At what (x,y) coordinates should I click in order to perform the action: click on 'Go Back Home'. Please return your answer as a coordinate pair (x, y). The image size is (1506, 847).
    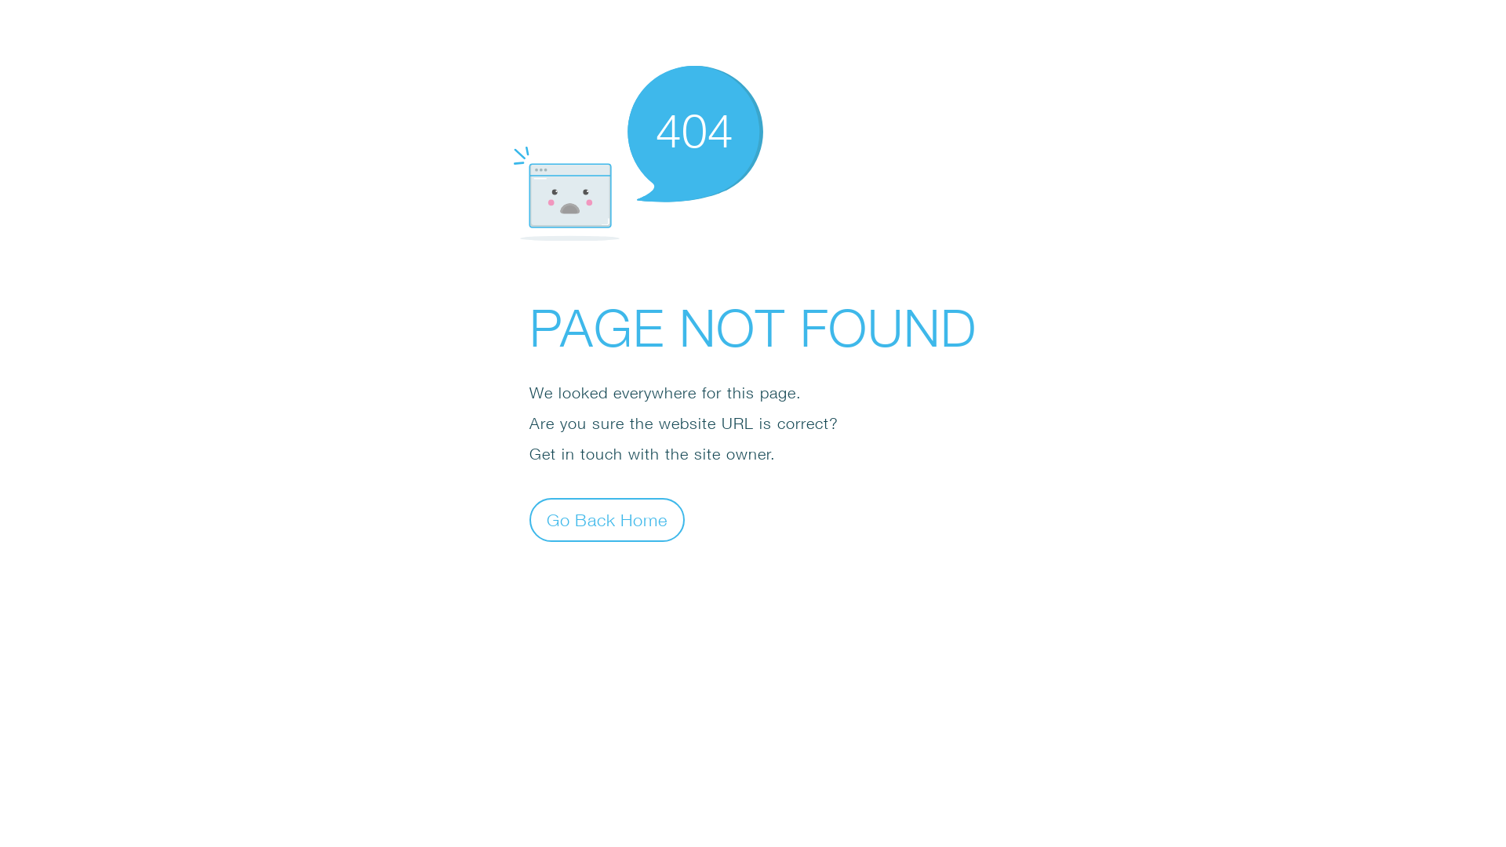
    Looking at the image, I should click on (606, 520).